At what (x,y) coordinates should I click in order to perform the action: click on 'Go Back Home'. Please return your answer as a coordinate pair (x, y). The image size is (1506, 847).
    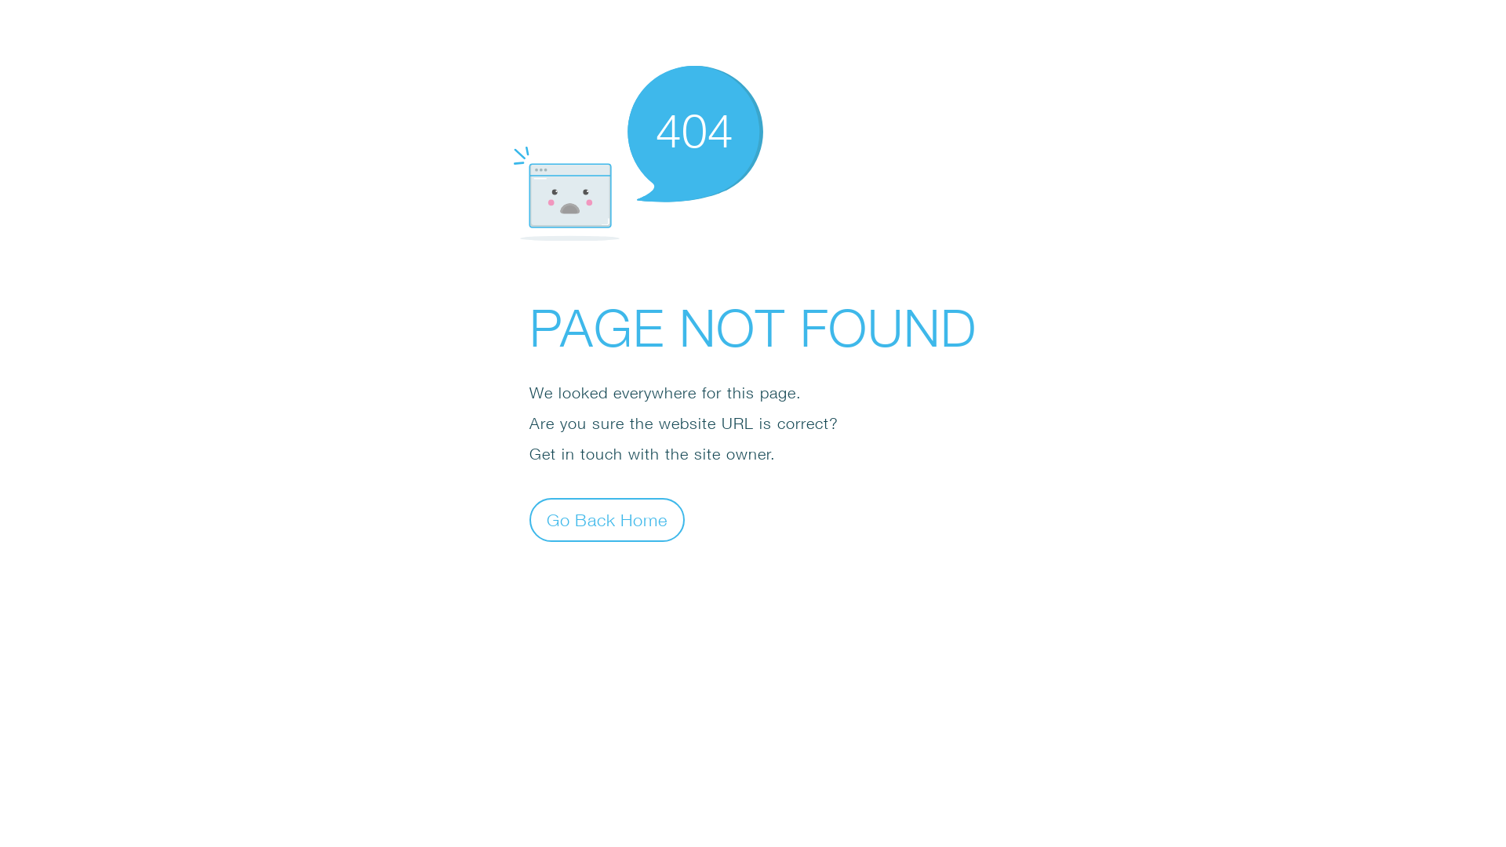
    Looking at the image, I should click on (606, 520).